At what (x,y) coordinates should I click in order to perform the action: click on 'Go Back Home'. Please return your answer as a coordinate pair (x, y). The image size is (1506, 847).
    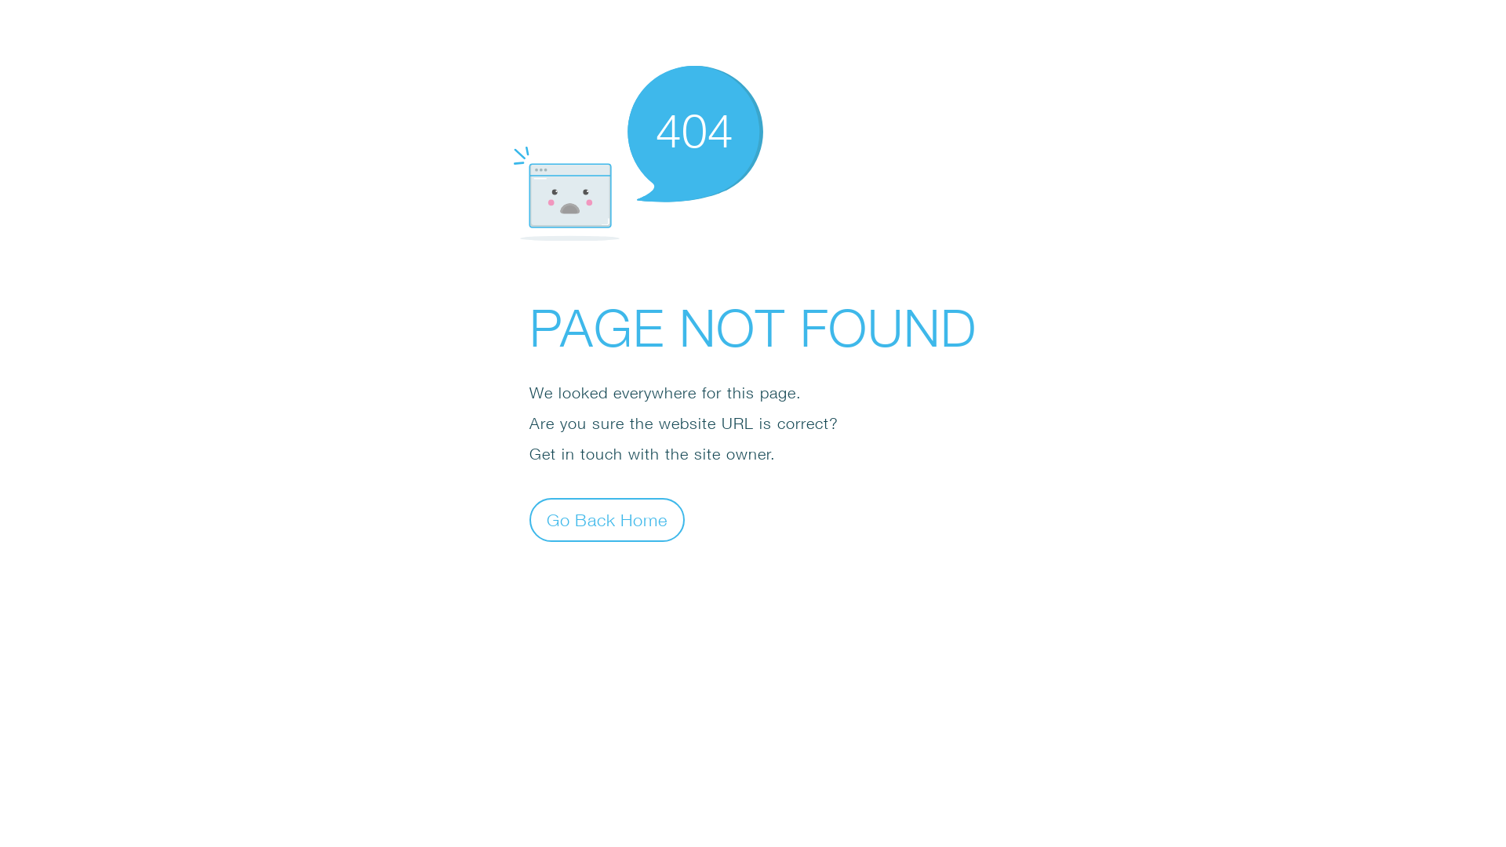
    Looking at the image, I should click on (606, 520).